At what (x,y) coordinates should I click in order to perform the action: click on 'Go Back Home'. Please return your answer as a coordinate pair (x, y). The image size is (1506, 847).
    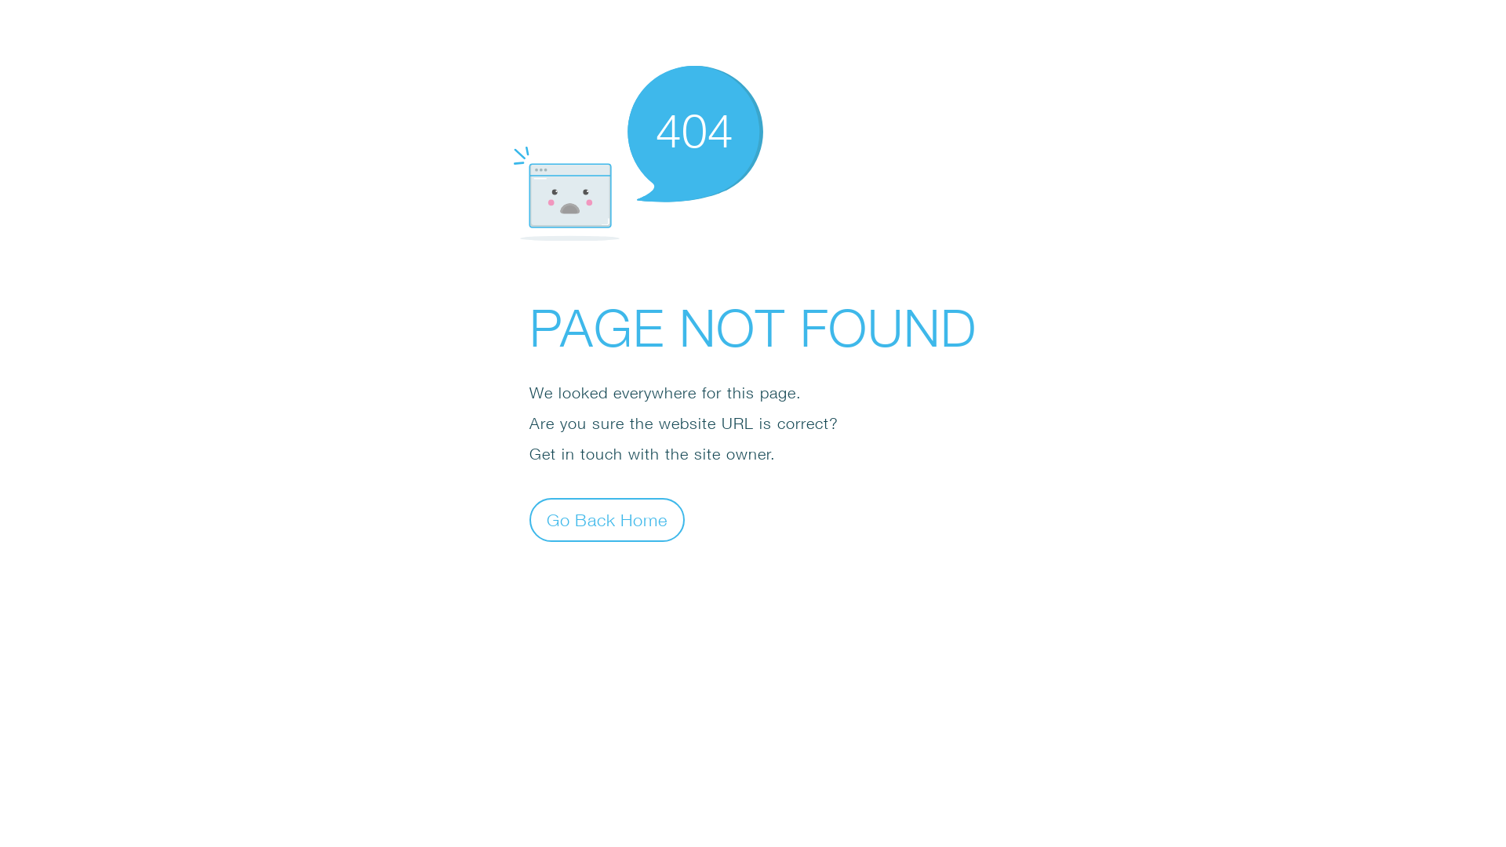
    Looking at the image, I should click on (606, 520).